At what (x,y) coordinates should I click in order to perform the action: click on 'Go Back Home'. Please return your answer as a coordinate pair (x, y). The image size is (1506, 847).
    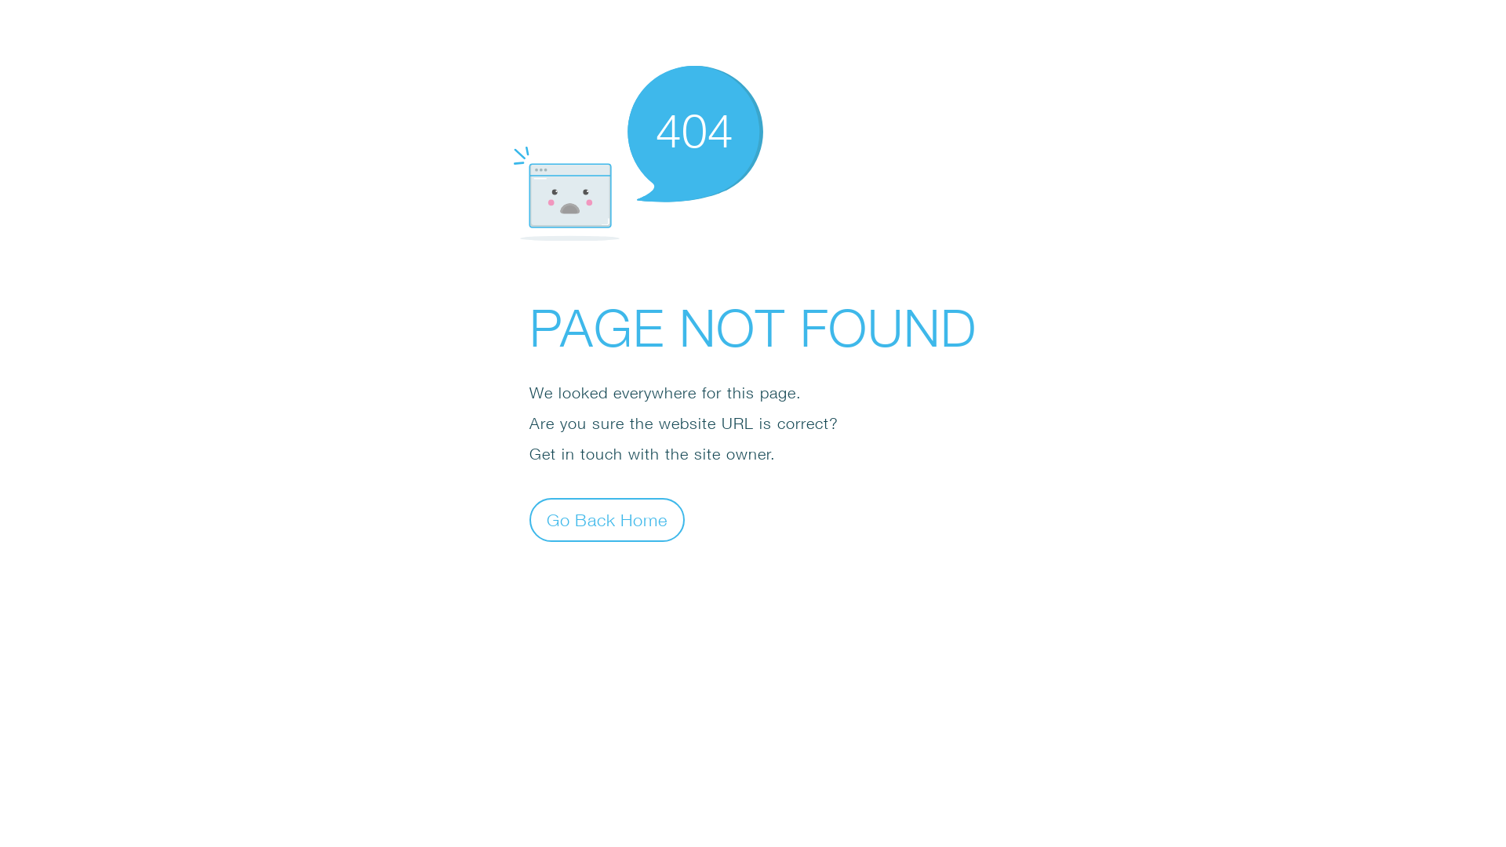
    Looking at the image, I should click on (606, 520).